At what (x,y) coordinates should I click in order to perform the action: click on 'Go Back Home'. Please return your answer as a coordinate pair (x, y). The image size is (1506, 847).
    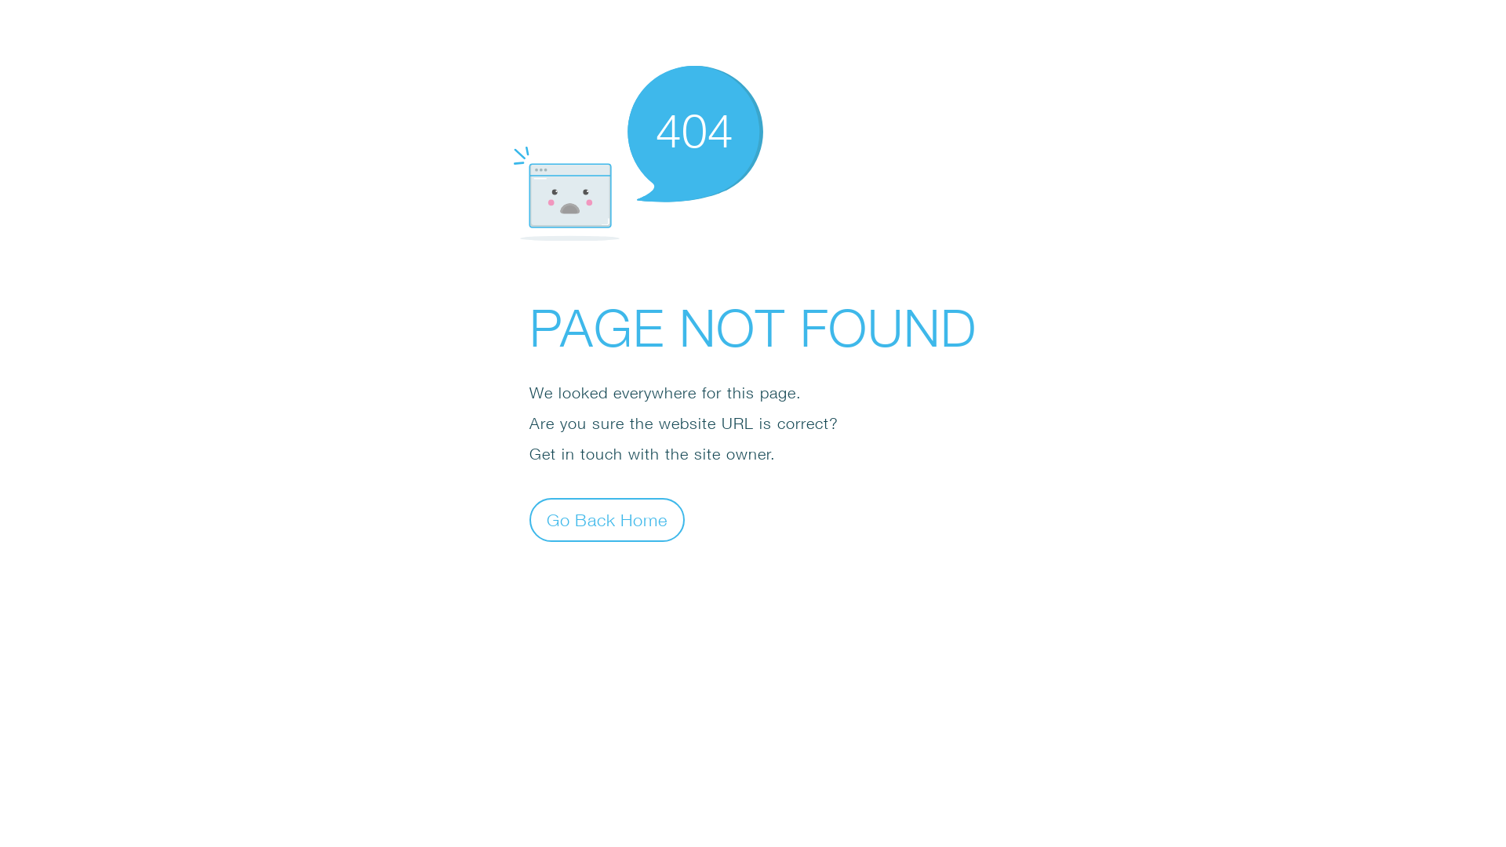
    Looking at the image, I should click on (606, 520).